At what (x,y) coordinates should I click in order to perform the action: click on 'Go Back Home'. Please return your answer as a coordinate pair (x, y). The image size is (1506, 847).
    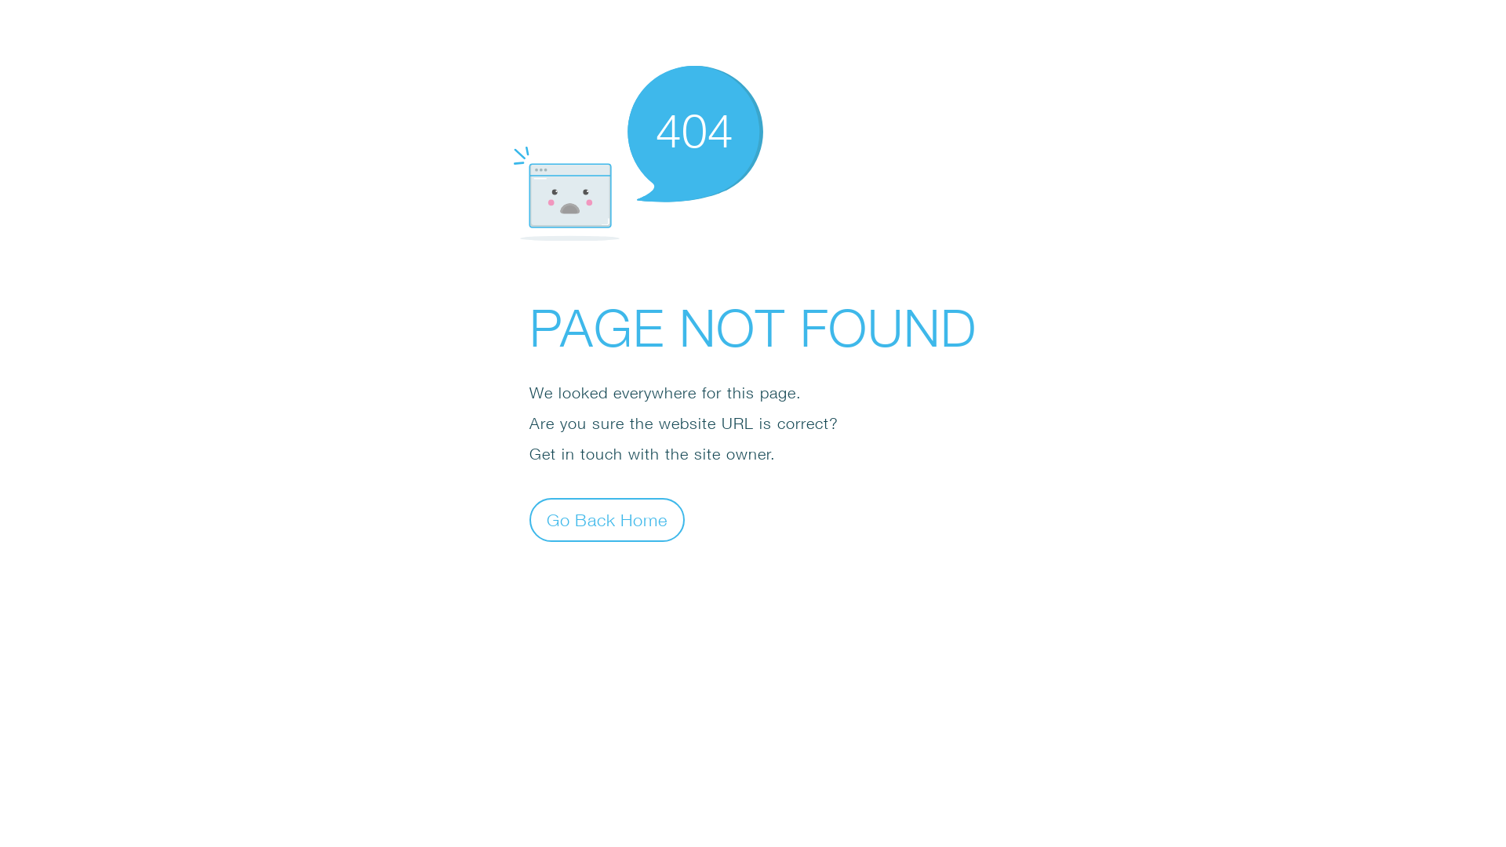
    Looking at the image, I should click on (606, 520).